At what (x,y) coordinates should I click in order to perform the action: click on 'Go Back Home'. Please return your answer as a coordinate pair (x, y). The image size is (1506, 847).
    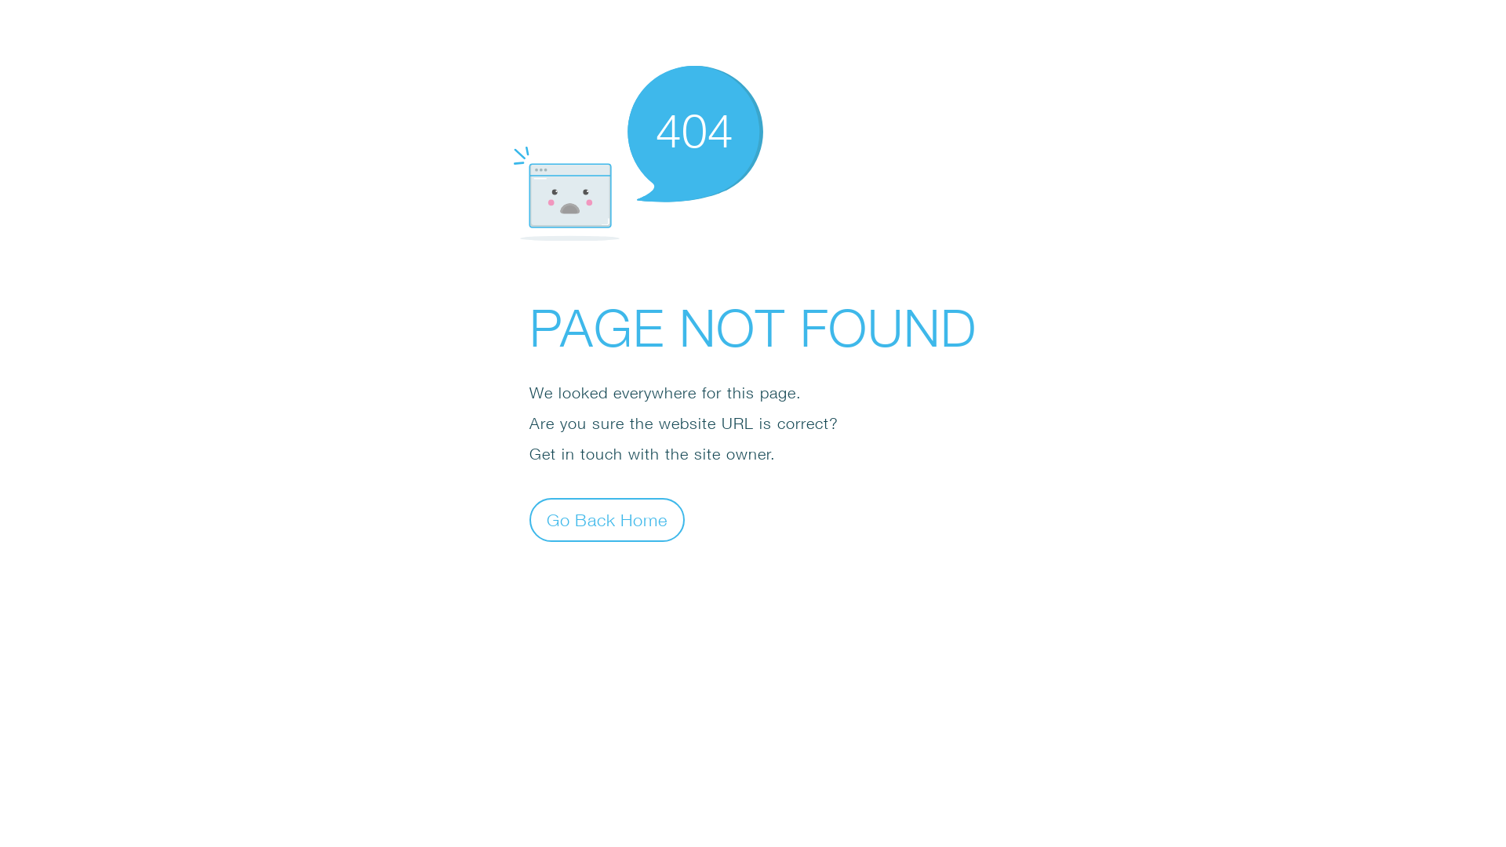
    Looking at the image, I should click on (606, 520).